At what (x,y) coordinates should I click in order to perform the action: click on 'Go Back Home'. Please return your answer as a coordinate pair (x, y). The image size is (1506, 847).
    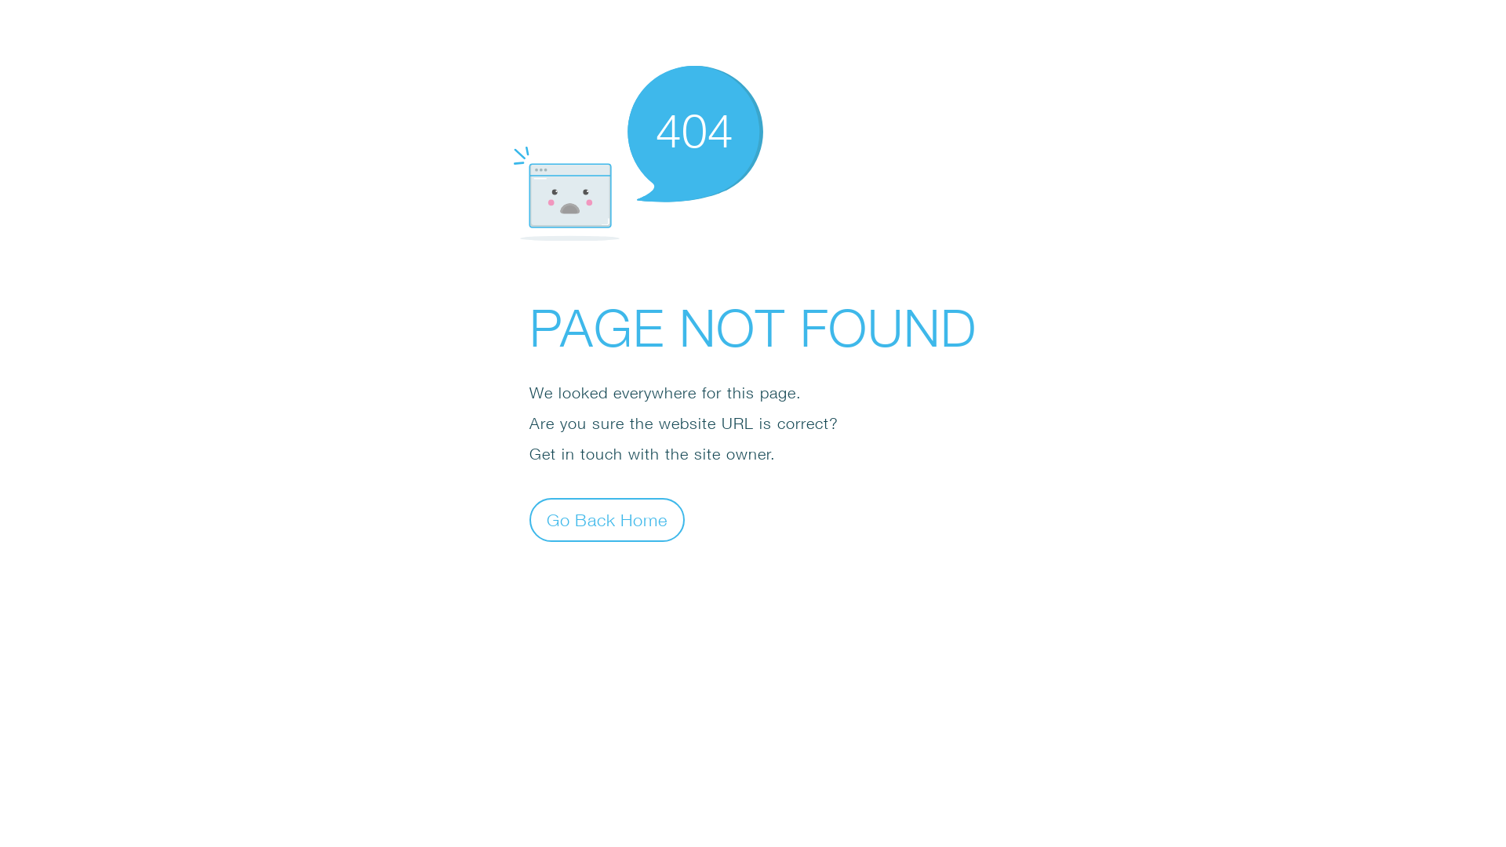
    Looking at the image, I should click on (606, 520).